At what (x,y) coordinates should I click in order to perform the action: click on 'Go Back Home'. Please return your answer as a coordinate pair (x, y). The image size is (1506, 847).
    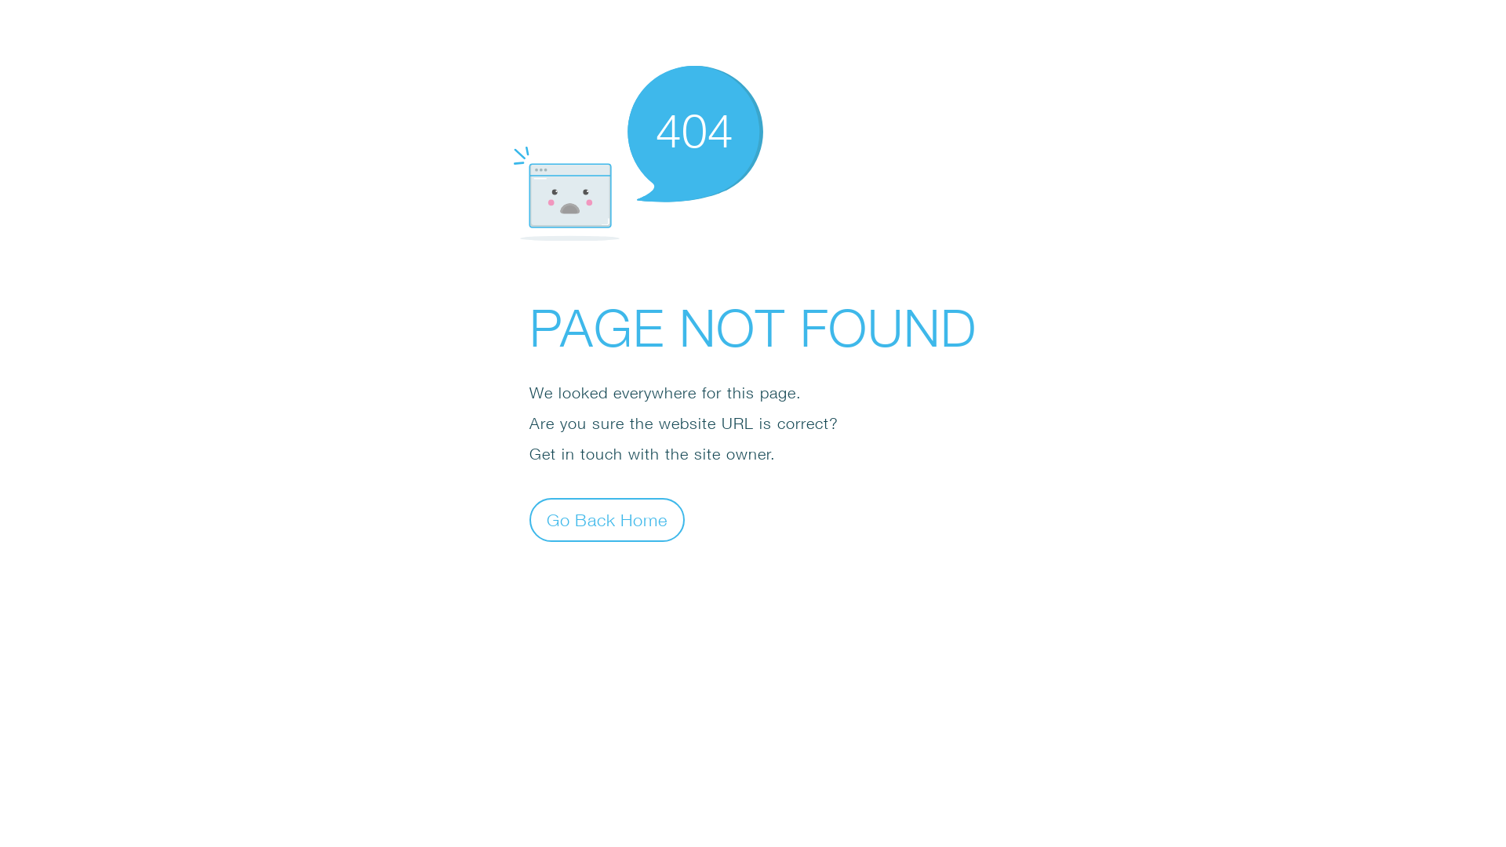
    Looking at the image, I should click on (606, 520).